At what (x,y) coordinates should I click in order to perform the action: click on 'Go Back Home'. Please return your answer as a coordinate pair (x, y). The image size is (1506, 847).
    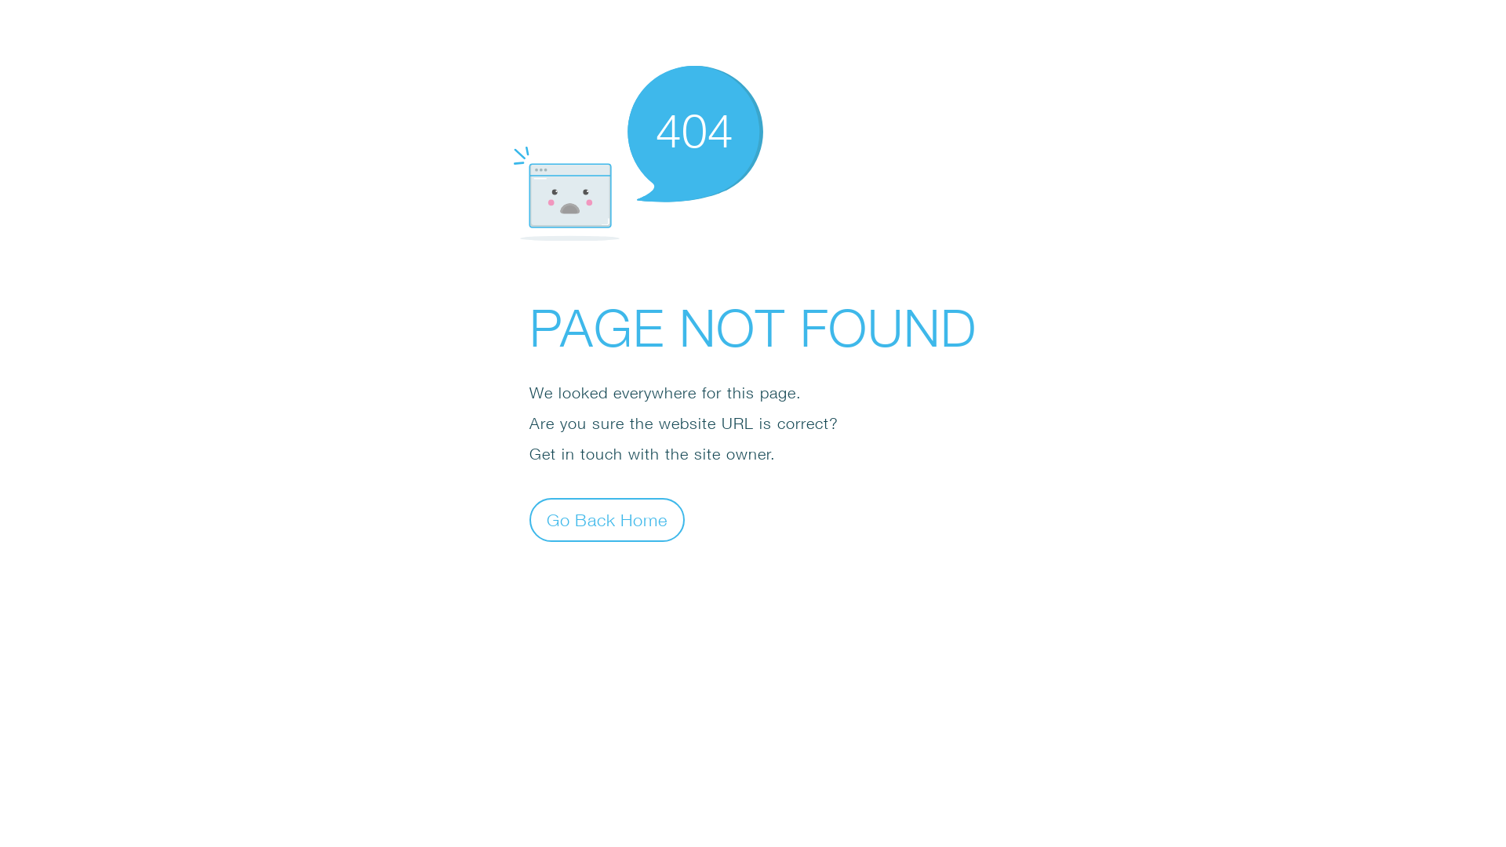
    Looking at the image, I should click on (606, 520).